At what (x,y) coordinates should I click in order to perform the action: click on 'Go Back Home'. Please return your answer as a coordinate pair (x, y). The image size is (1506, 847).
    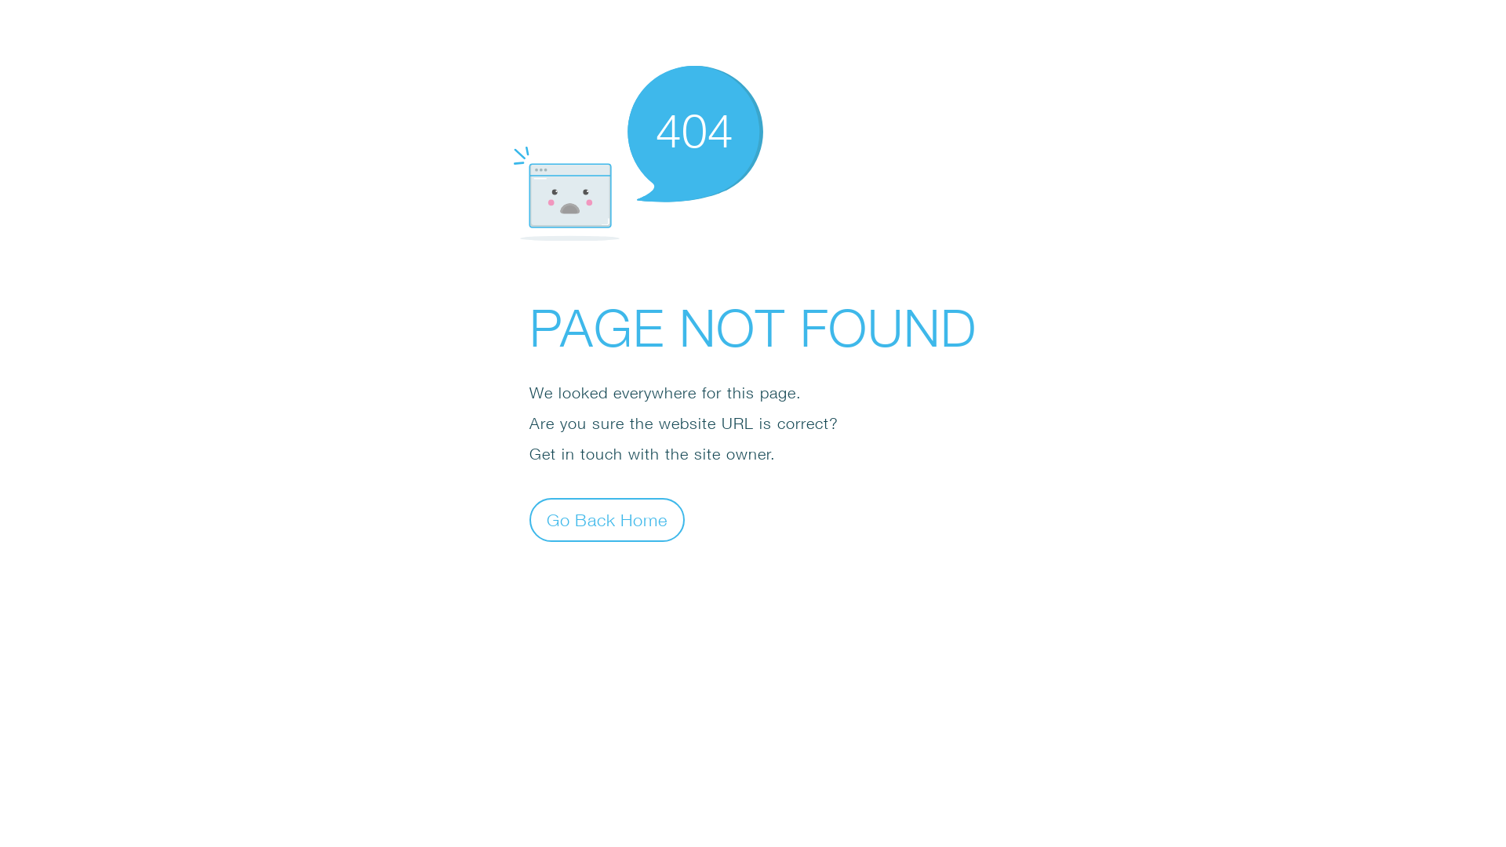
    Looking at the image, I should click on (606, 520).